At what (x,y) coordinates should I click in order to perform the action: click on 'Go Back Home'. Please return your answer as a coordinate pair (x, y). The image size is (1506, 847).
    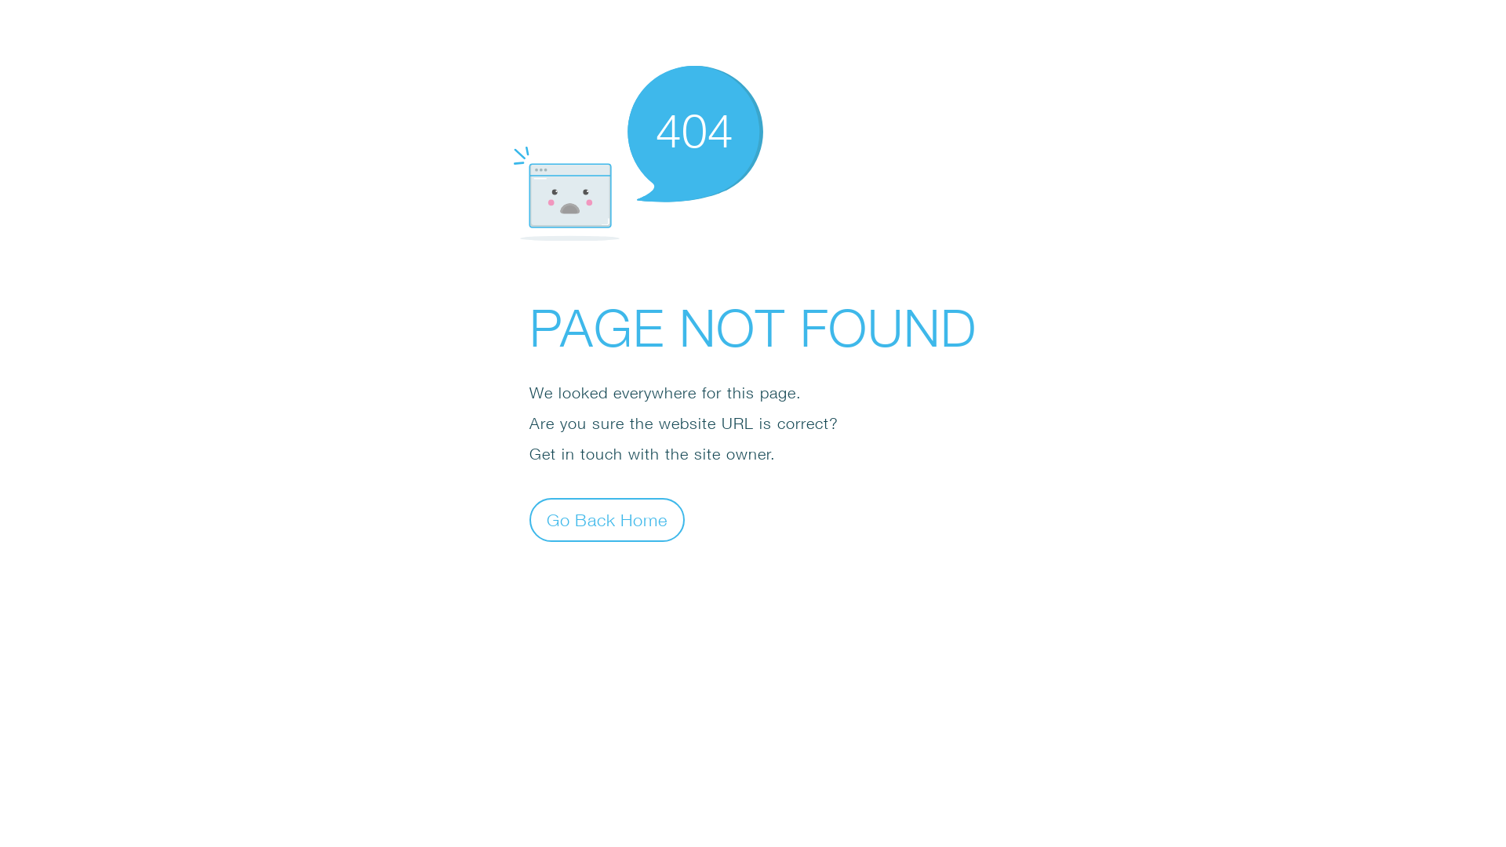
    Looking at the image, I should click on (606, 520).